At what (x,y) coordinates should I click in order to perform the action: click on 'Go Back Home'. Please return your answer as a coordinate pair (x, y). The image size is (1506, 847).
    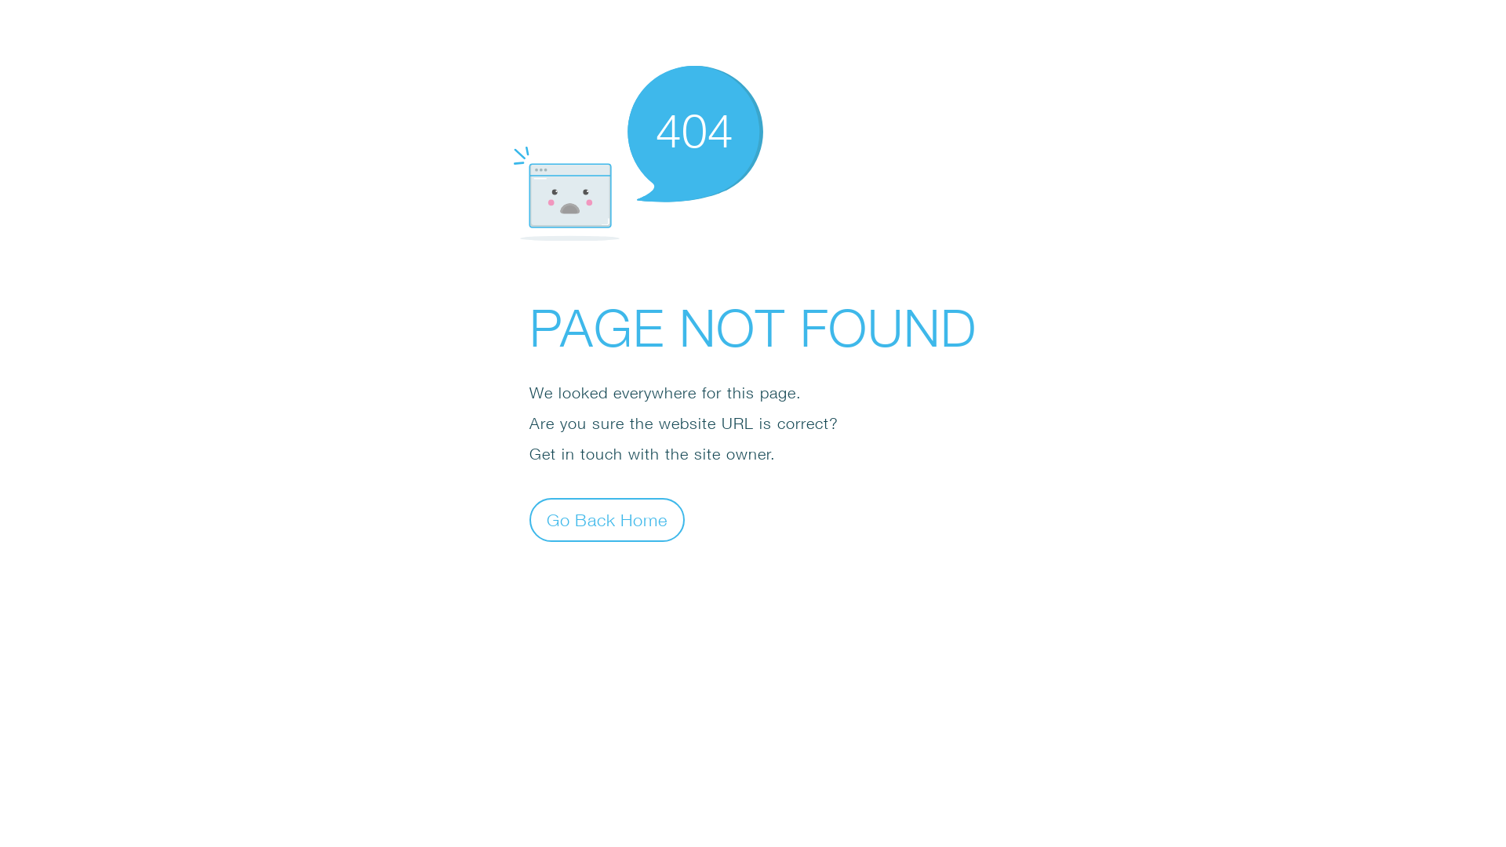
    Looking at the image, I should click on (606, 520).